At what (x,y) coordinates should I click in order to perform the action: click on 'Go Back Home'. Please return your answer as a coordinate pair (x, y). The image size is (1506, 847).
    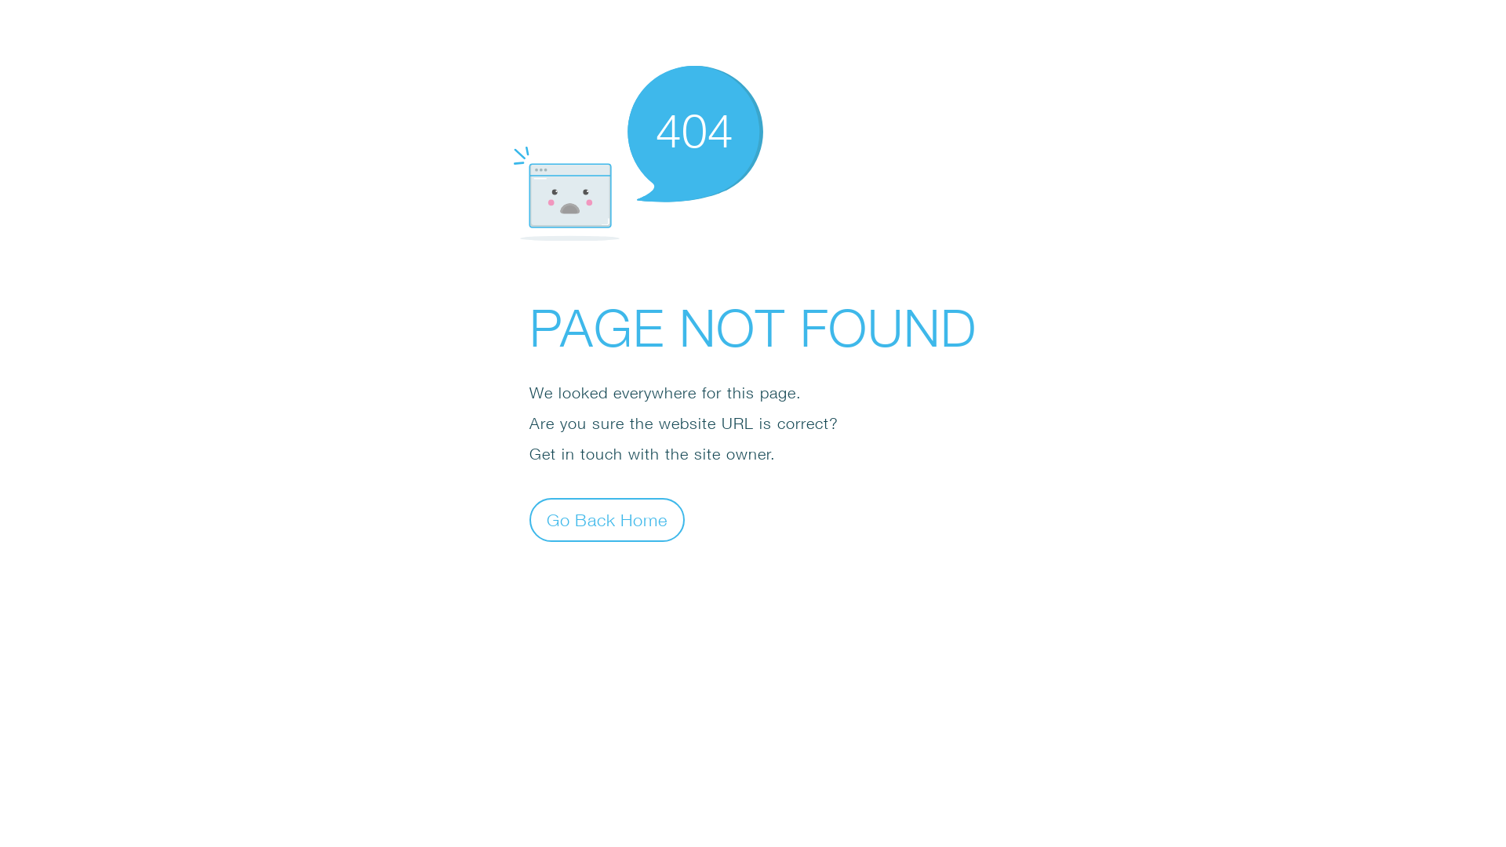
    Looking at the image, I should click on (606, 520).